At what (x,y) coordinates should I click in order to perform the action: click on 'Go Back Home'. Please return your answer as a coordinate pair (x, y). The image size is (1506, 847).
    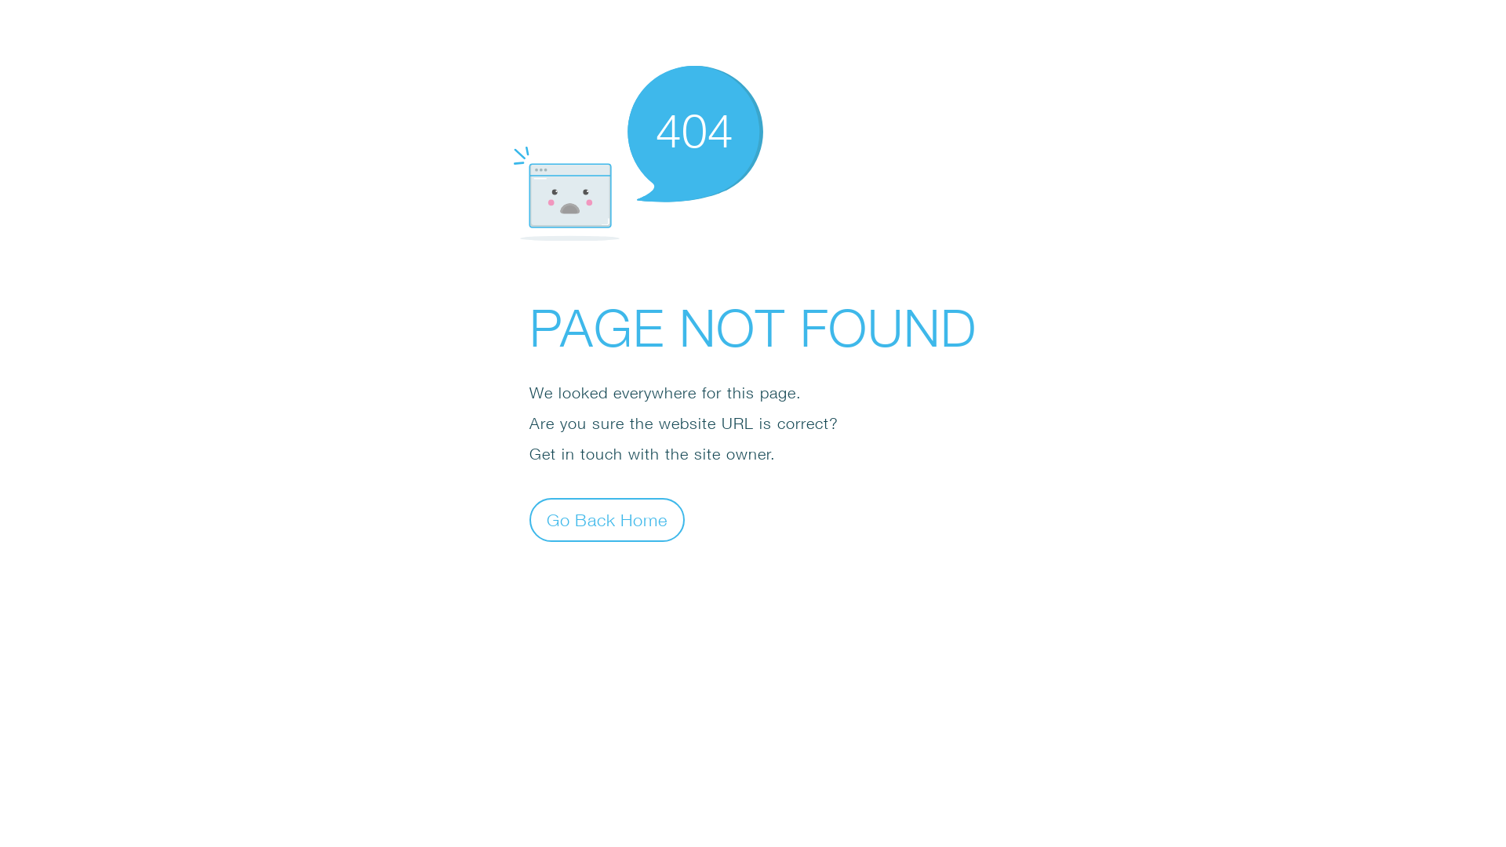
    Looking at the image, I should click on (606, 520).